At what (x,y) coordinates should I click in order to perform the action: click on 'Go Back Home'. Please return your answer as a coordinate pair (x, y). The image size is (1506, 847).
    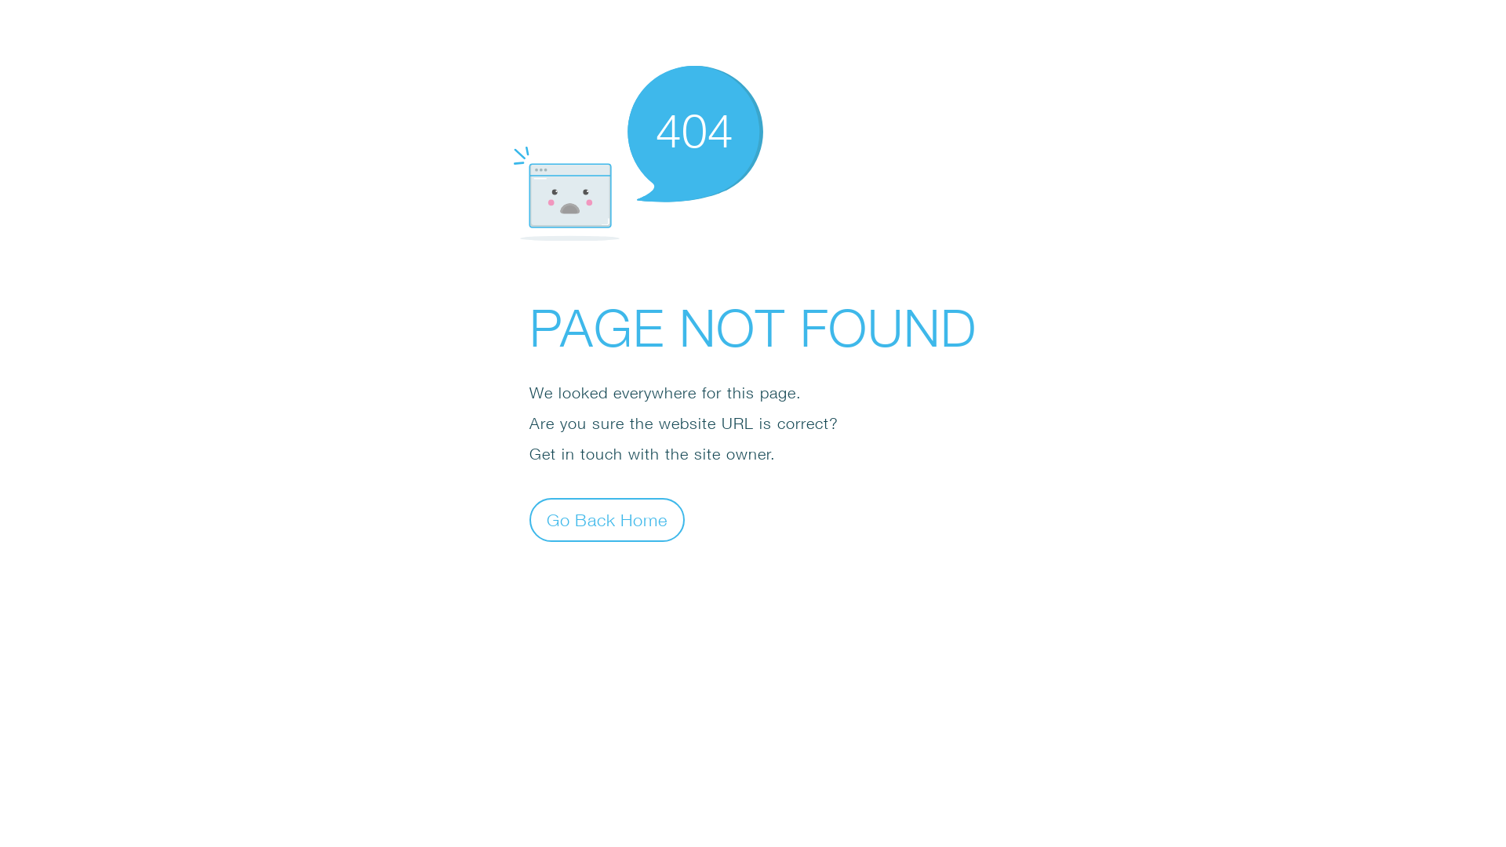
    Looking at the image, I should click on (606, 520).